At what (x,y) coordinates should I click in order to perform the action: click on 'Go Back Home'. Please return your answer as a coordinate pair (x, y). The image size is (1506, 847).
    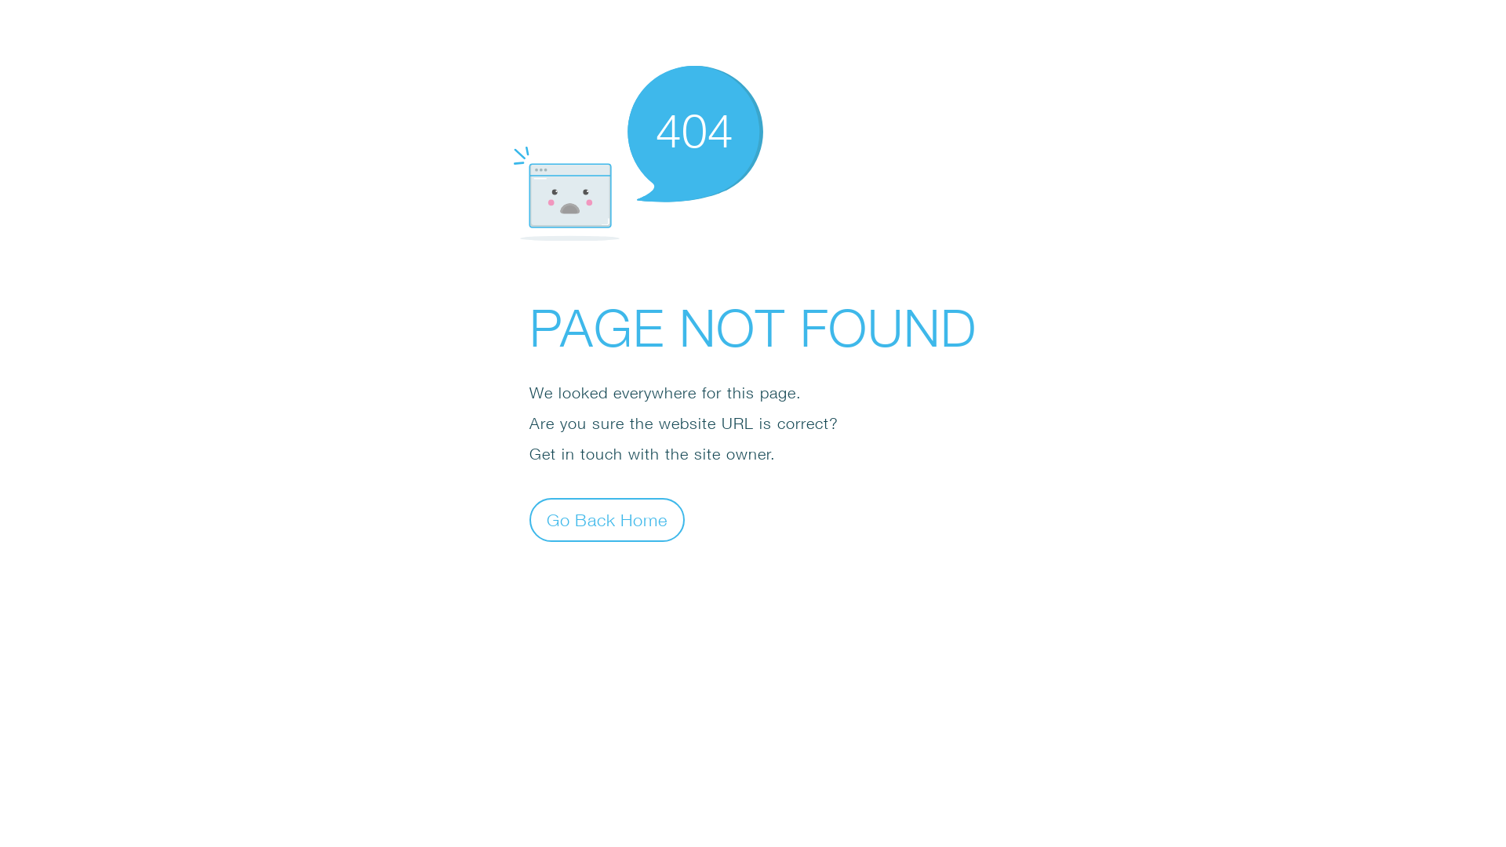
    Looking at the image, I should click on (606, 520).